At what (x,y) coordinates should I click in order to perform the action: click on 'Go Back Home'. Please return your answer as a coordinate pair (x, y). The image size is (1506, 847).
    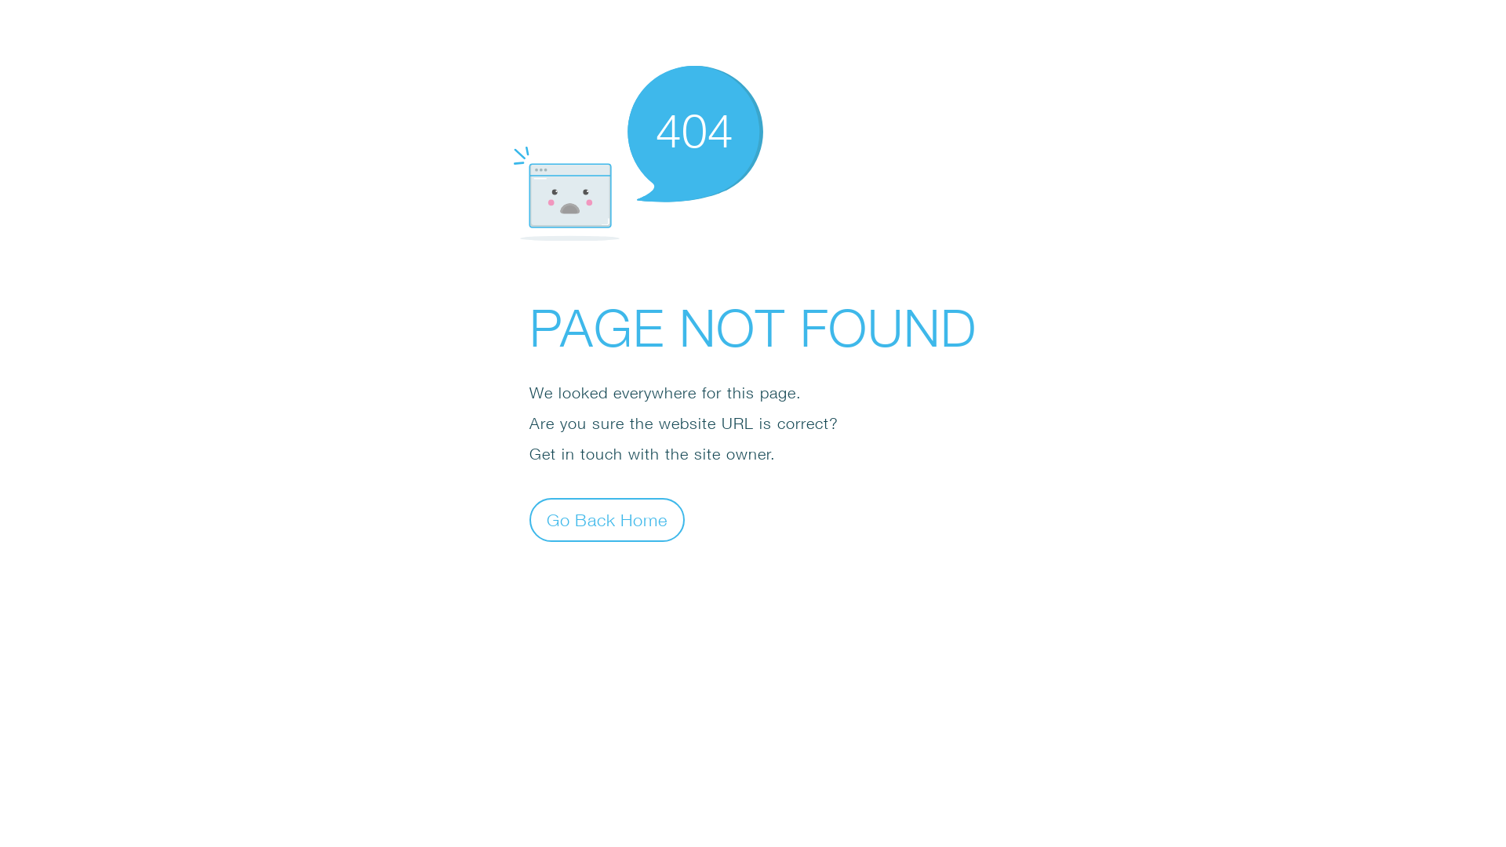
    Looking at the image, I should click on (606, 520).